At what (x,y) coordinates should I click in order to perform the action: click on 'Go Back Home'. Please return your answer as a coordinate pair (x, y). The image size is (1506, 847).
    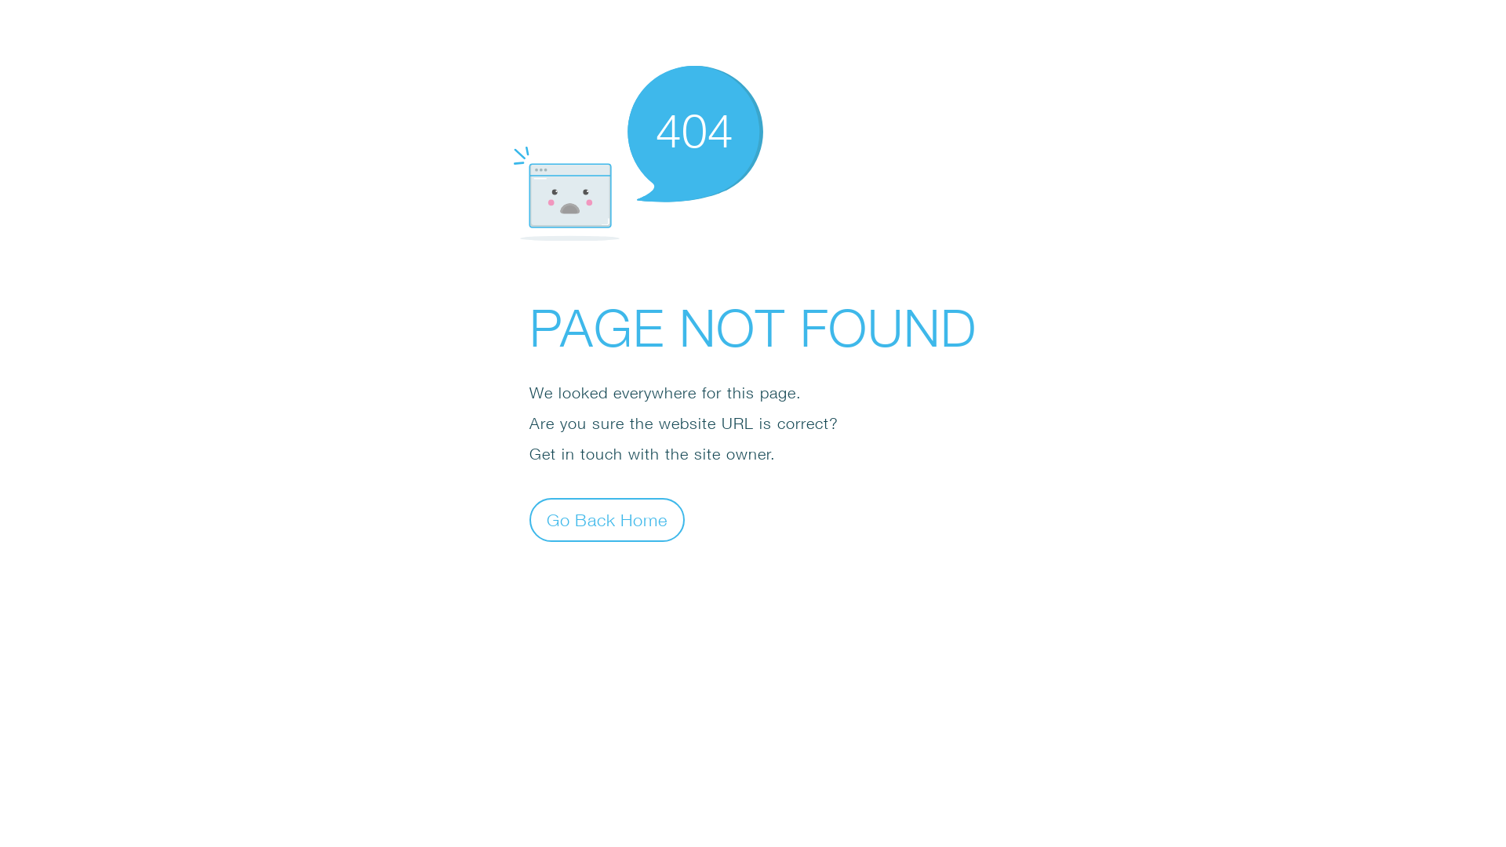
    Looking at the image, I should click on (606, 520).